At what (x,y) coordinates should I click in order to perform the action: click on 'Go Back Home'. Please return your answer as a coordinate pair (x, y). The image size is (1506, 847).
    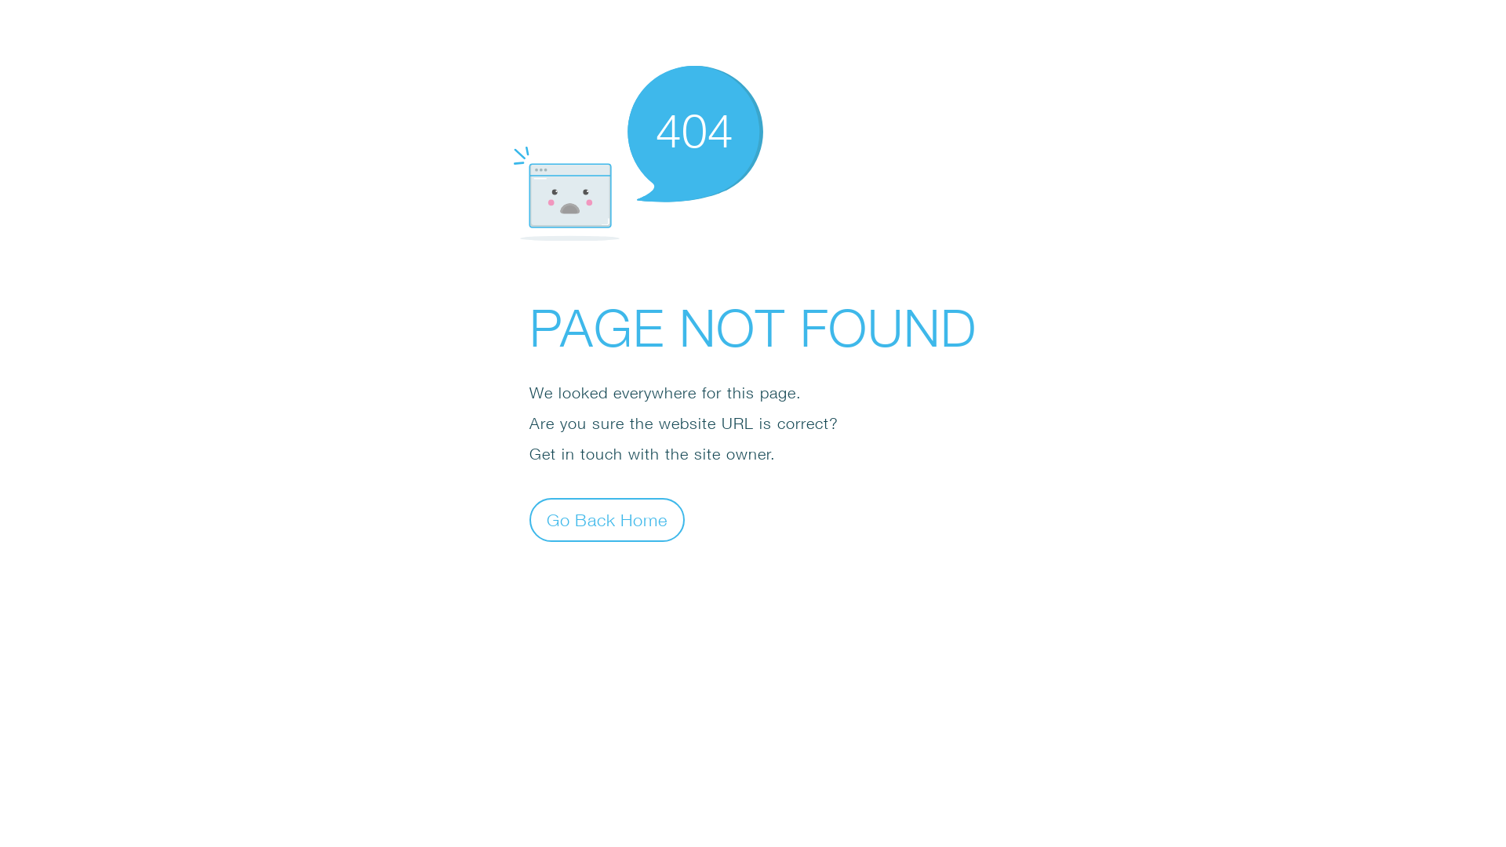
    Looking at the image, I should click on (606, 520).